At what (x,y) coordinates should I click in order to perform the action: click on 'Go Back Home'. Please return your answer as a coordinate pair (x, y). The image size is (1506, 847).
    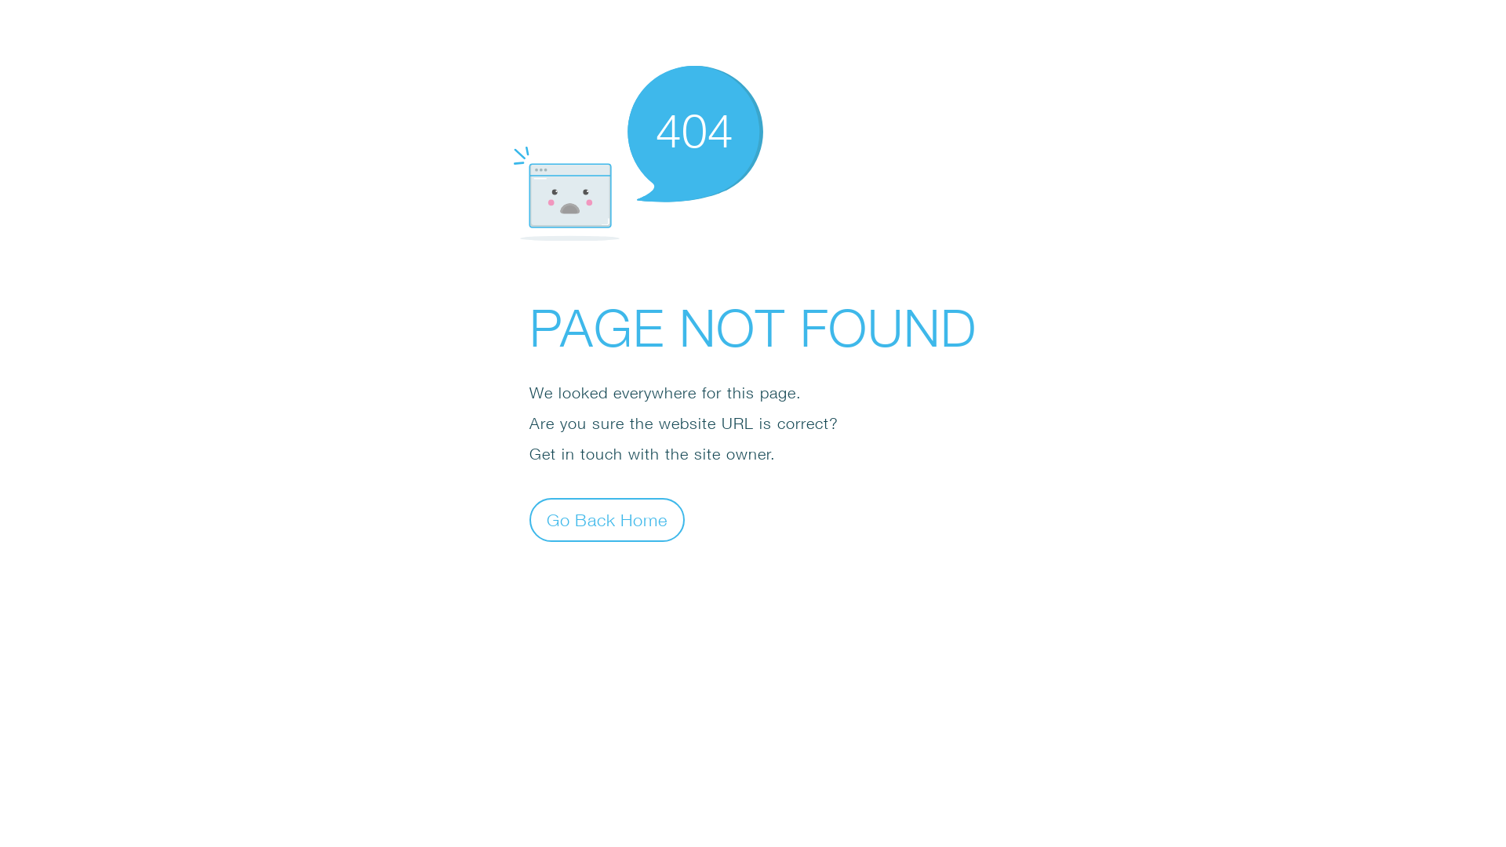
    Looking at the image, I should click on (606, 520).